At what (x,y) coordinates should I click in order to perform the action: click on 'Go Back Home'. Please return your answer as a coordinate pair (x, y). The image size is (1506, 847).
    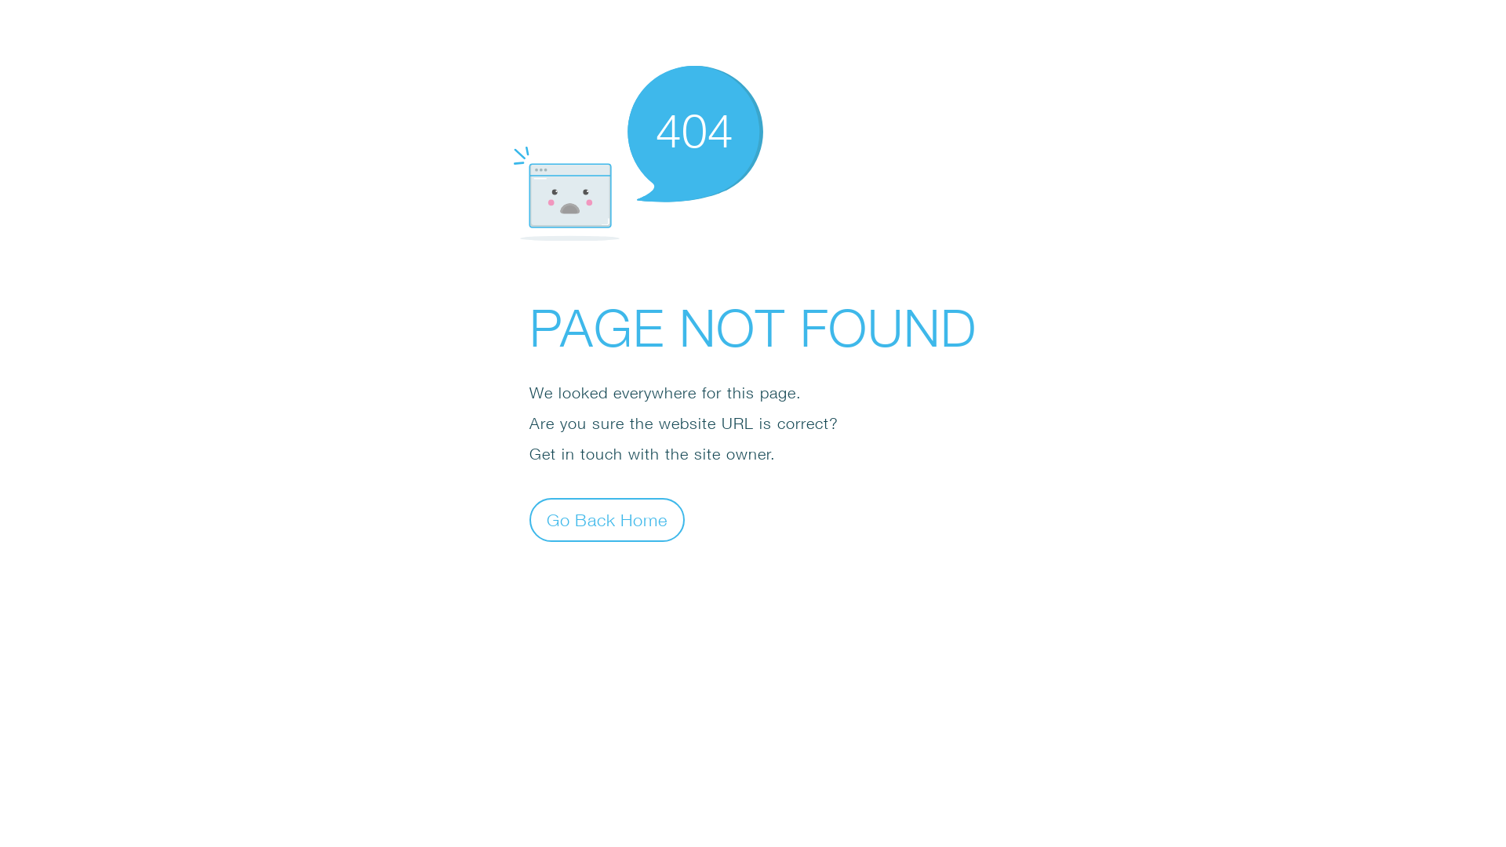
    Looking at the image, I should click on (606, 520).